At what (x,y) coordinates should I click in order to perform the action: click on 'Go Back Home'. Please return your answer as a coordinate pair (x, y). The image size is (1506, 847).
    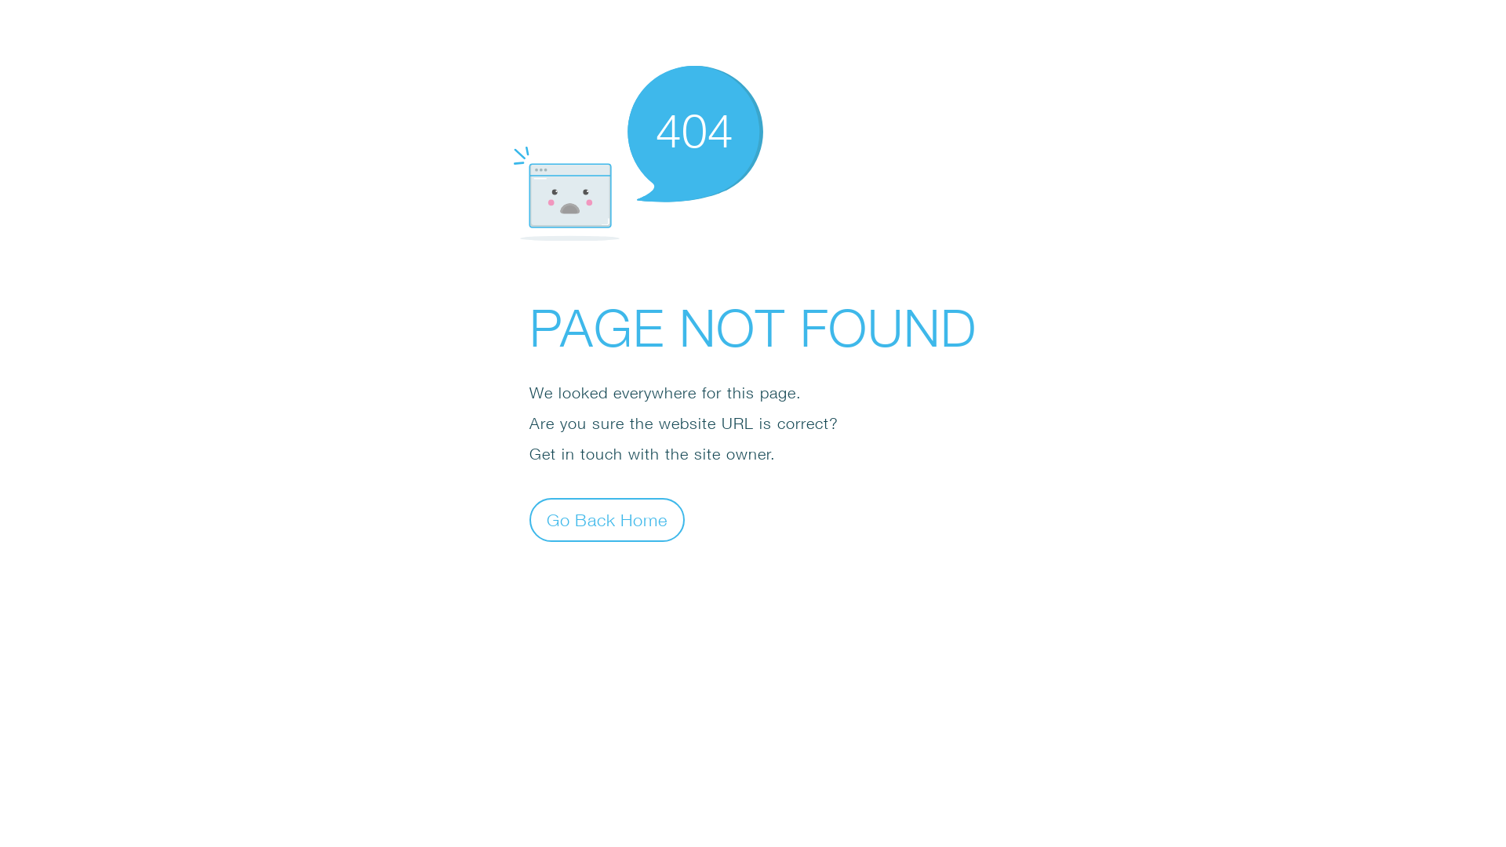
    Looking at the image, I should click on (606, 520).